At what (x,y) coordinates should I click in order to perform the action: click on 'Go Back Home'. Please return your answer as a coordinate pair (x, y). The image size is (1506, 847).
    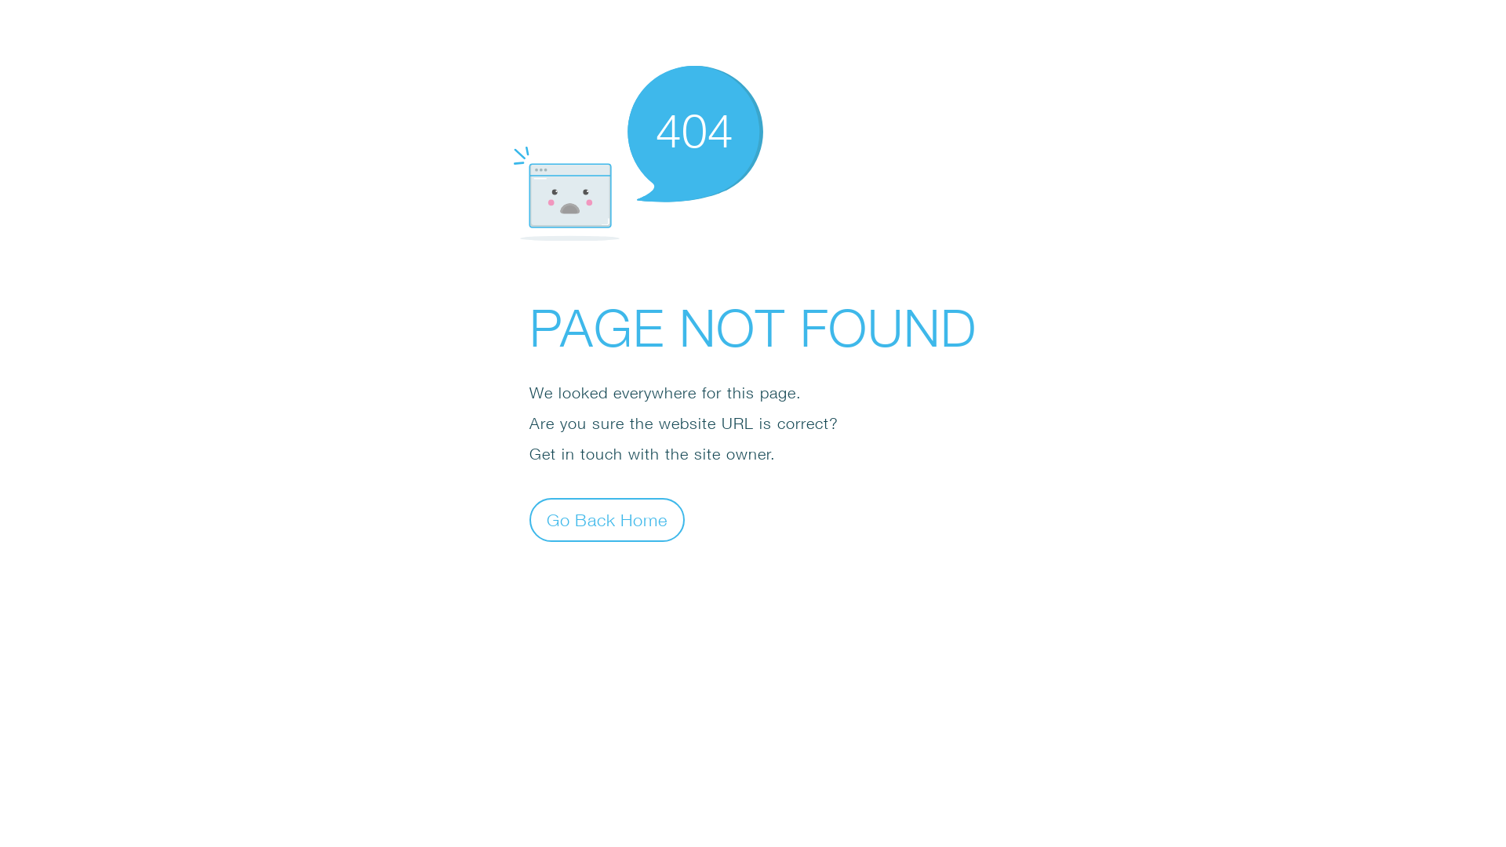
    Looking at the image, I should click on (606, 520).